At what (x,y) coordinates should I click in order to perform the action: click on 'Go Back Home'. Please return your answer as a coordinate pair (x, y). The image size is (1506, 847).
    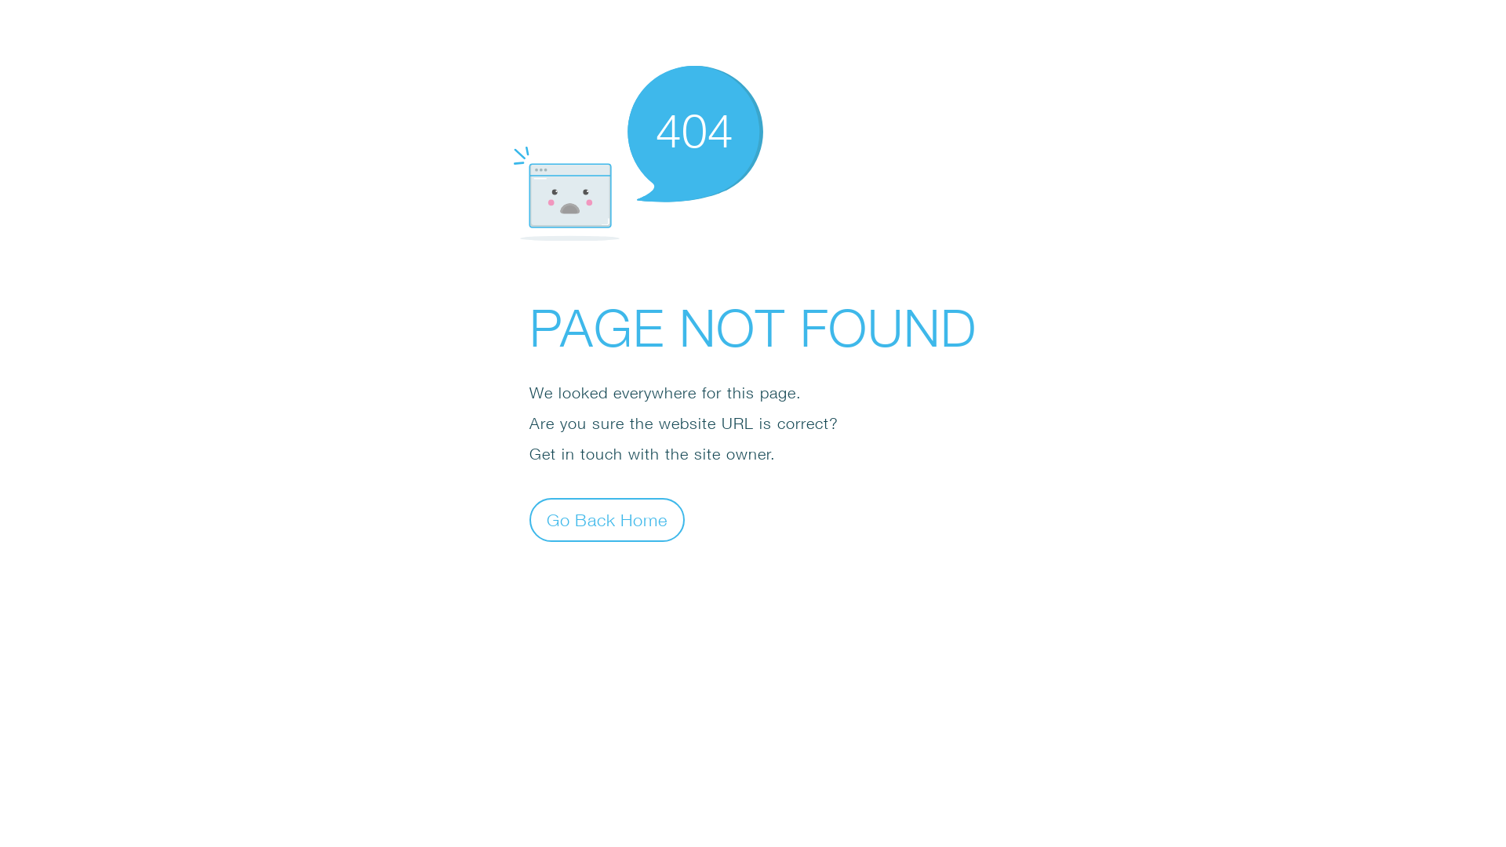
    Looking at the image, I should click on (606, 520).